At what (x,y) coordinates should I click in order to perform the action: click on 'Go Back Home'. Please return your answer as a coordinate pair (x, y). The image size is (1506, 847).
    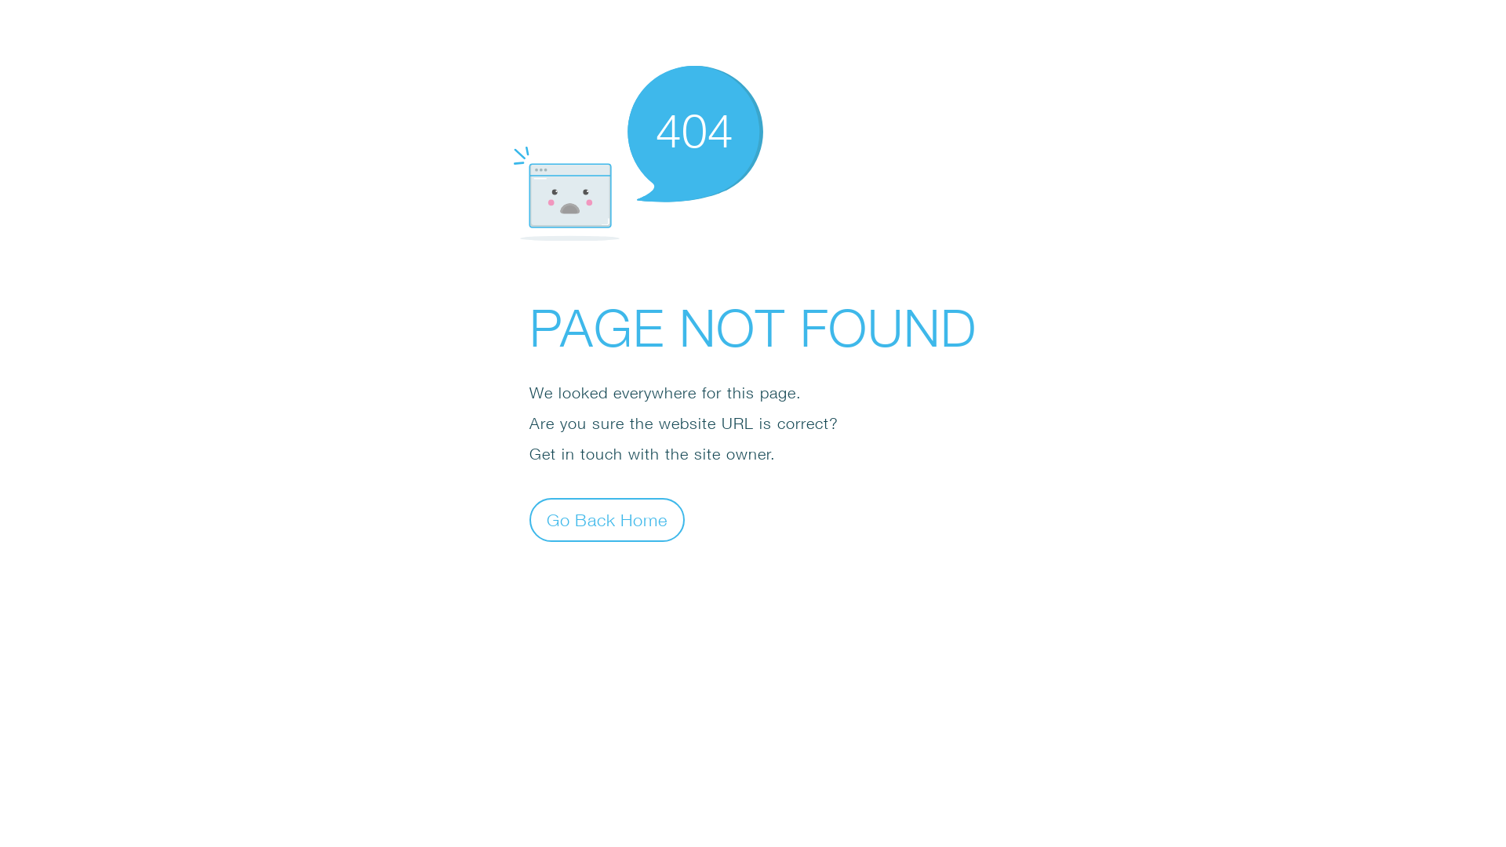
    Looking at the image, I should click on (606, 520).